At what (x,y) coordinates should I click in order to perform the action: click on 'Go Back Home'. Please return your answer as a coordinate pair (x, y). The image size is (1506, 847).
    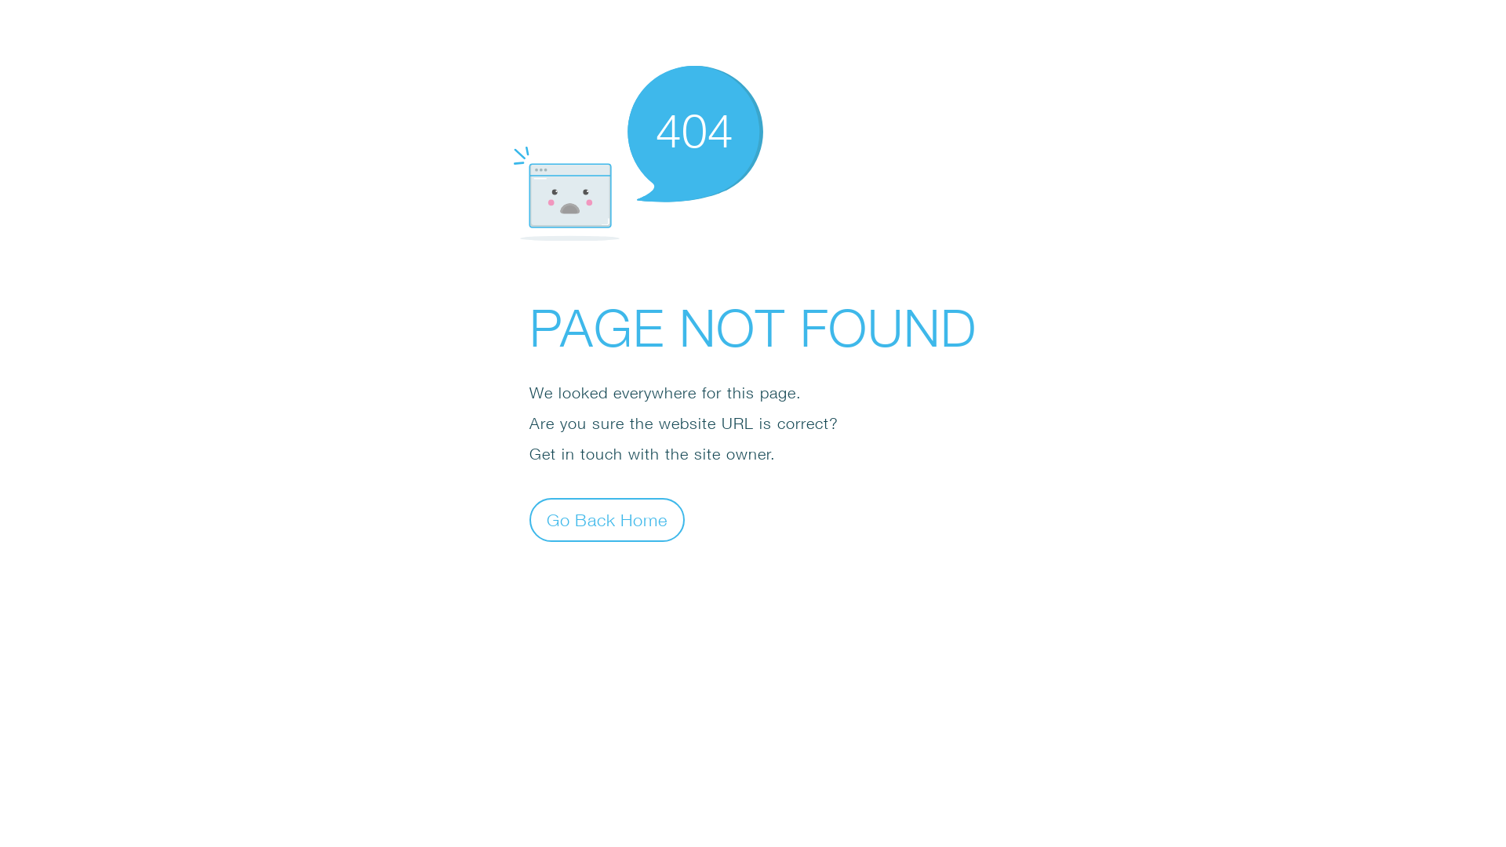
    Looking at the image, I should click on (606, 520).